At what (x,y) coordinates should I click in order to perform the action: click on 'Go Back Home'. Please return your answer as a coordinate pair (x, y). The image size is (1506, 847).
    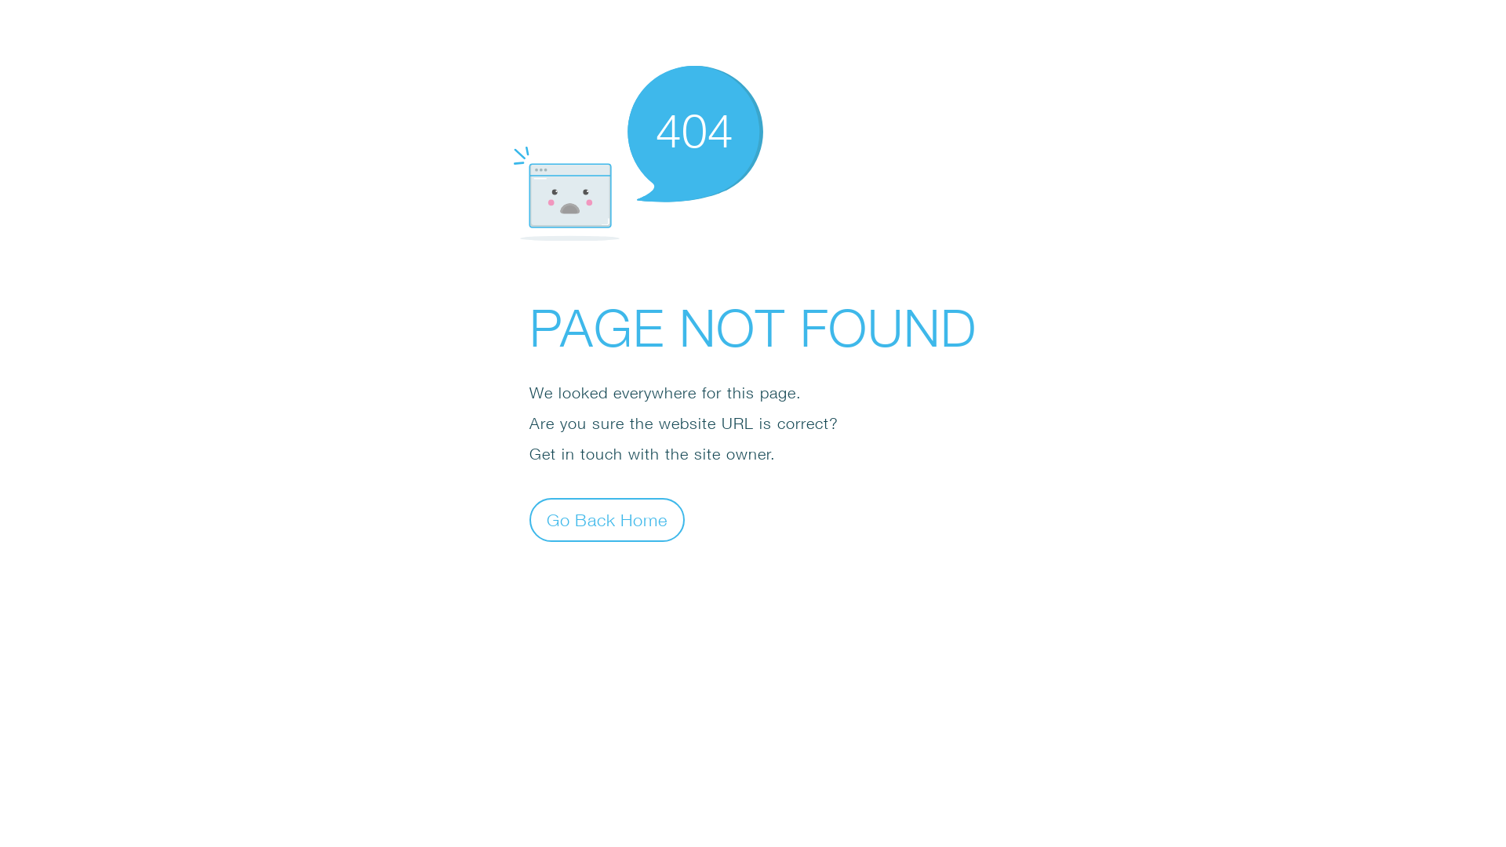
    Looking at the image, I should click on (606, 520).